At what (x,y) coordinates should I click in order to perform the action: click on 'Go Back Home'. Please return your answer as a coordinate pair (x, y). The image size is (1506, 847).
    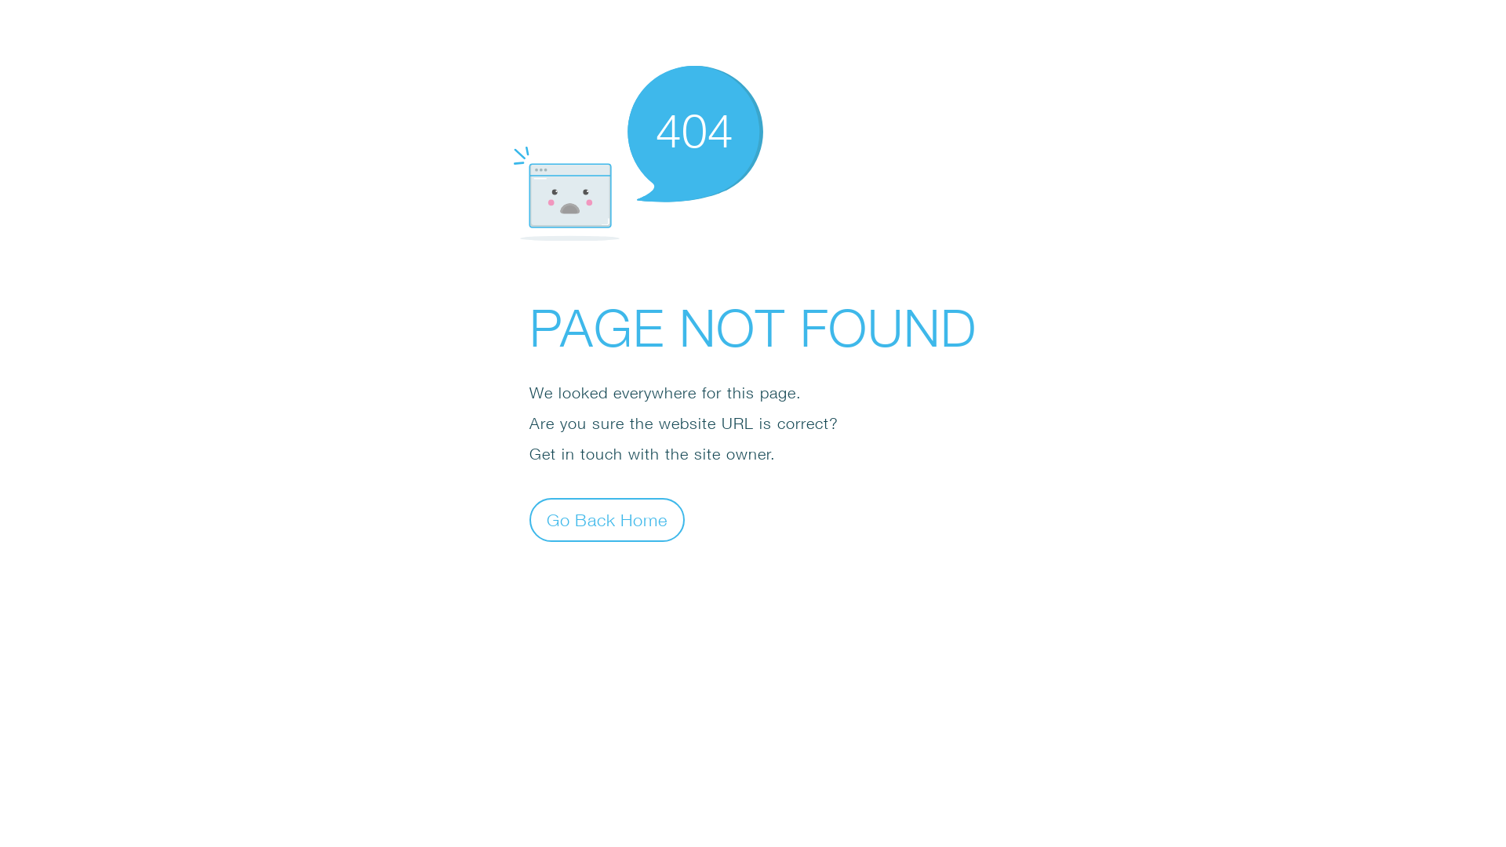
    Looking at the image, I should click on (606, 520).